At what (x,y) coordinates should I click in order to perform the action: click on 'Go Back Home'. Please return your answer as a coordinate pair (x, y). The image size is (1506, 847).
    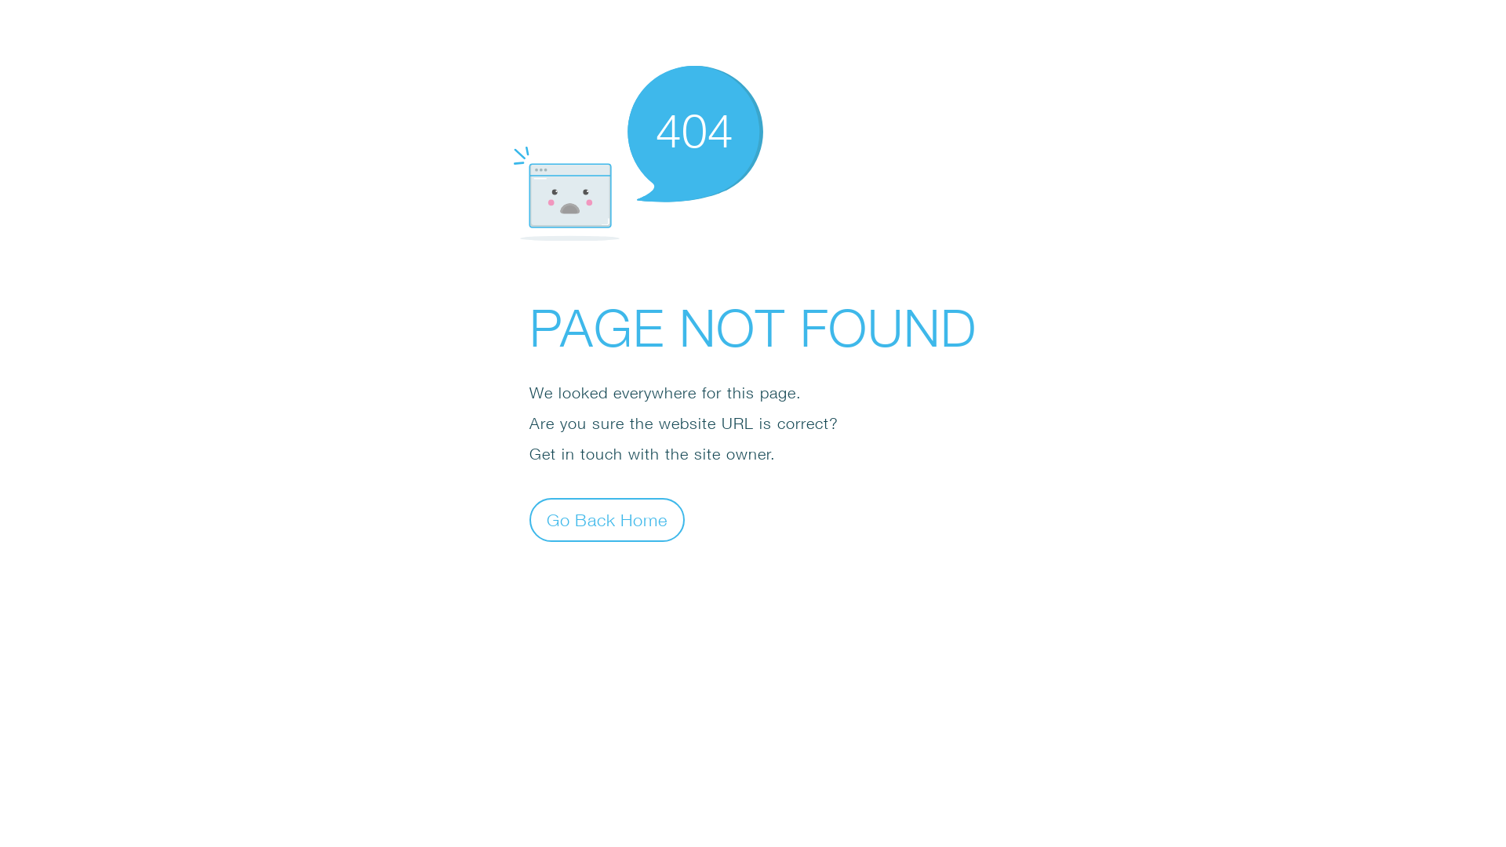
    Looking at the image, I should click on (606, 520).